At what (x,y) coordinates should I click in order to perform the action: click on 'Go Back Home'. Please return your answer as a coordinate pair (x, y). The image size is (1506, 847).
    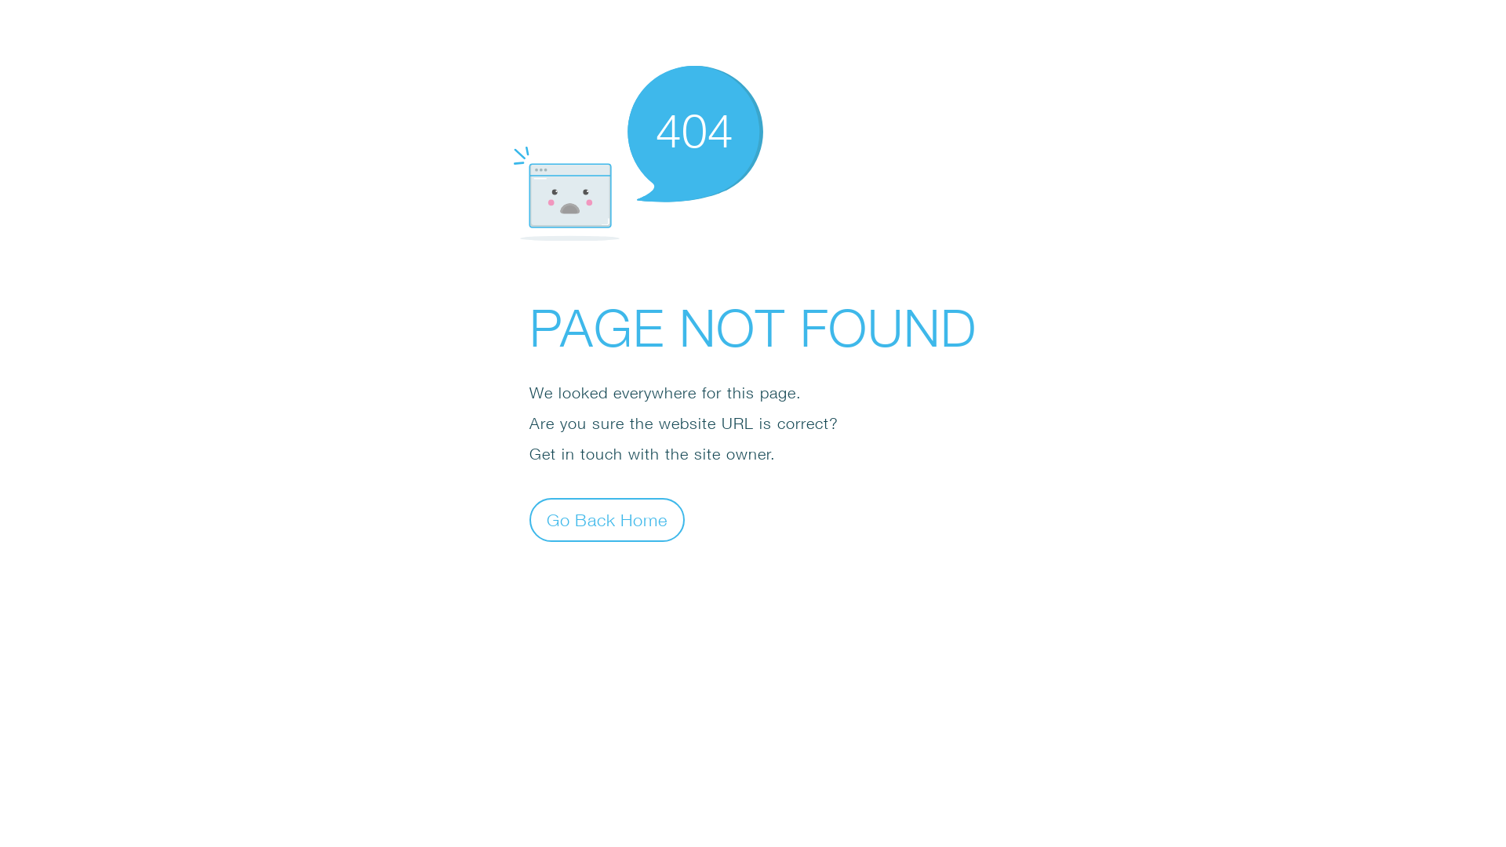
    Looking at the image, I should click on (606, 520).